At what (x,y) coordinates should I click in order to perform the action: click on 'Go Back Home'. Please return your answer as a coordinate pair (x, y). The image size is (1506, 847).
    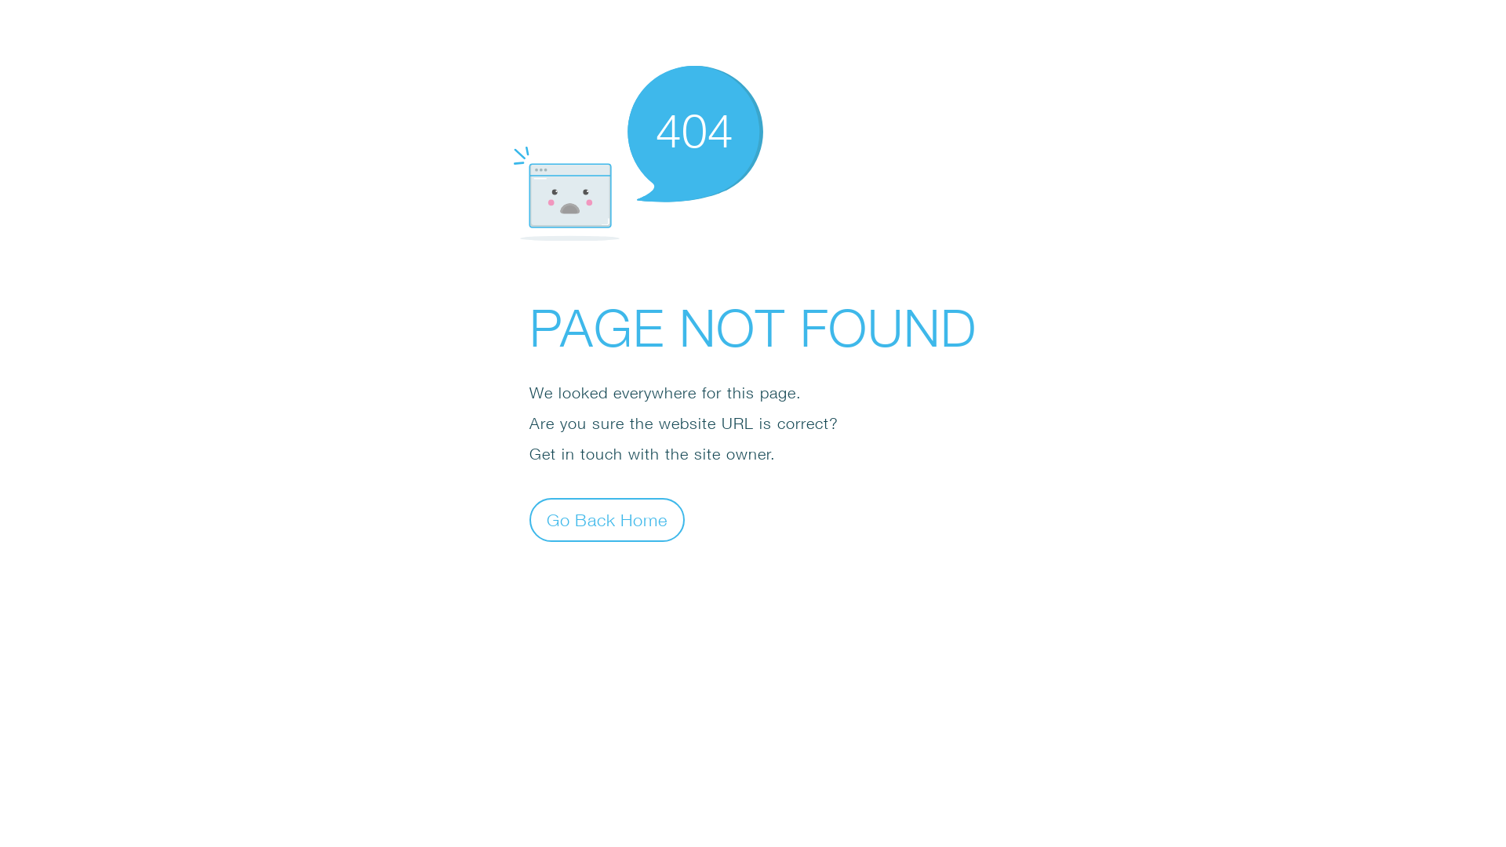
    Looking at the image, I should click on (606, 520).